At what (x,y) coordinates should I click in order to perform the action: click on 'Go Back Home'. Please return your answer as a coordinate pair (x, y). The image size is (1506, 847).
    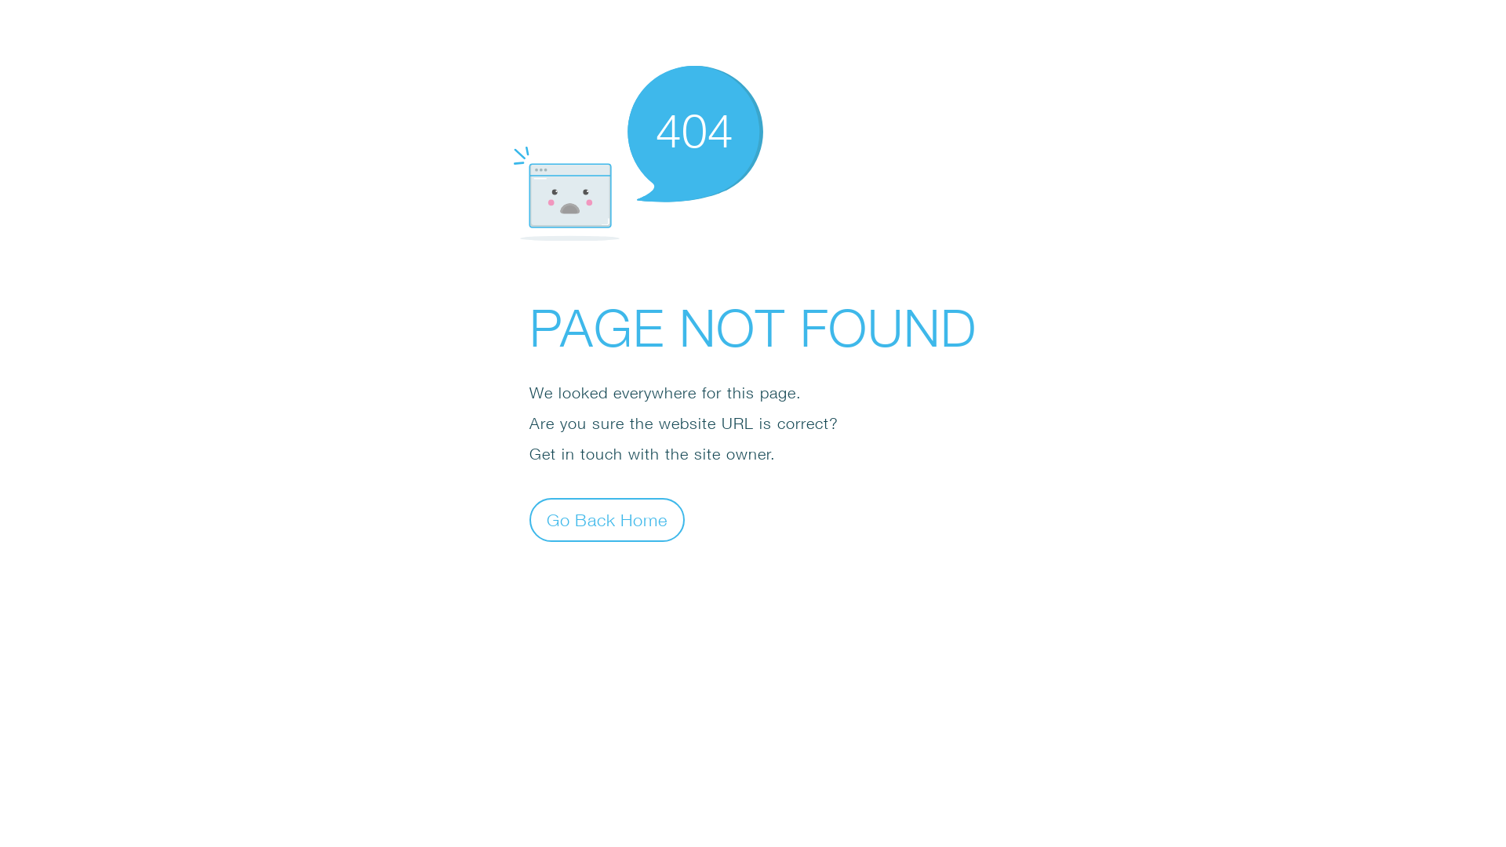
    Looking at the image, I should click on (606, 520).